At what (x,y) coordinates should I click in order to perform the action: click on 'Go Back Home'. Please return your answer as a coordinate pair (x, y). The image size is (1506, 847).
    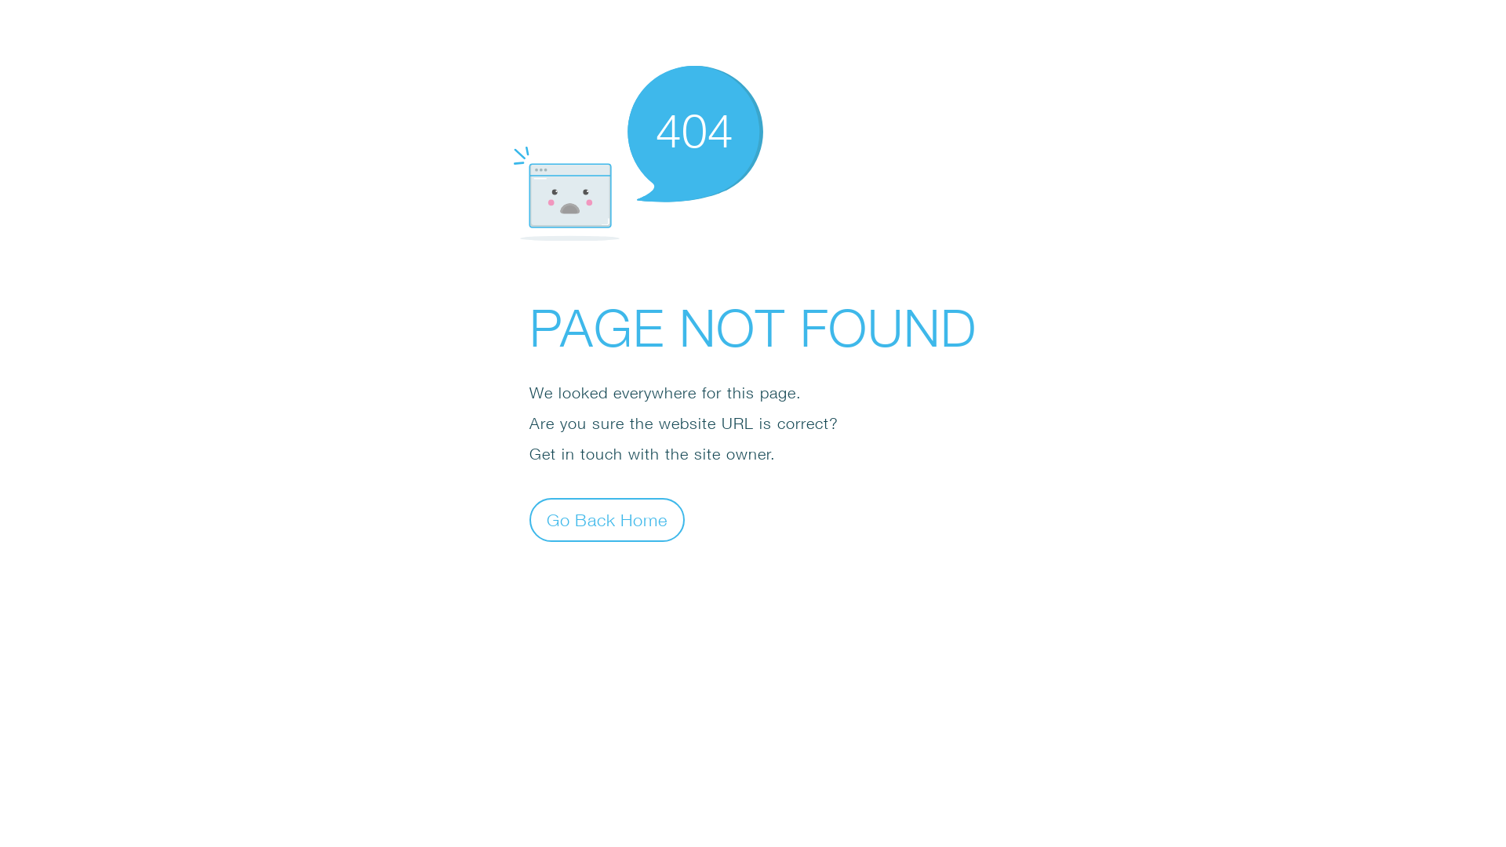
    Looking at the image, I should click on (606, 520).